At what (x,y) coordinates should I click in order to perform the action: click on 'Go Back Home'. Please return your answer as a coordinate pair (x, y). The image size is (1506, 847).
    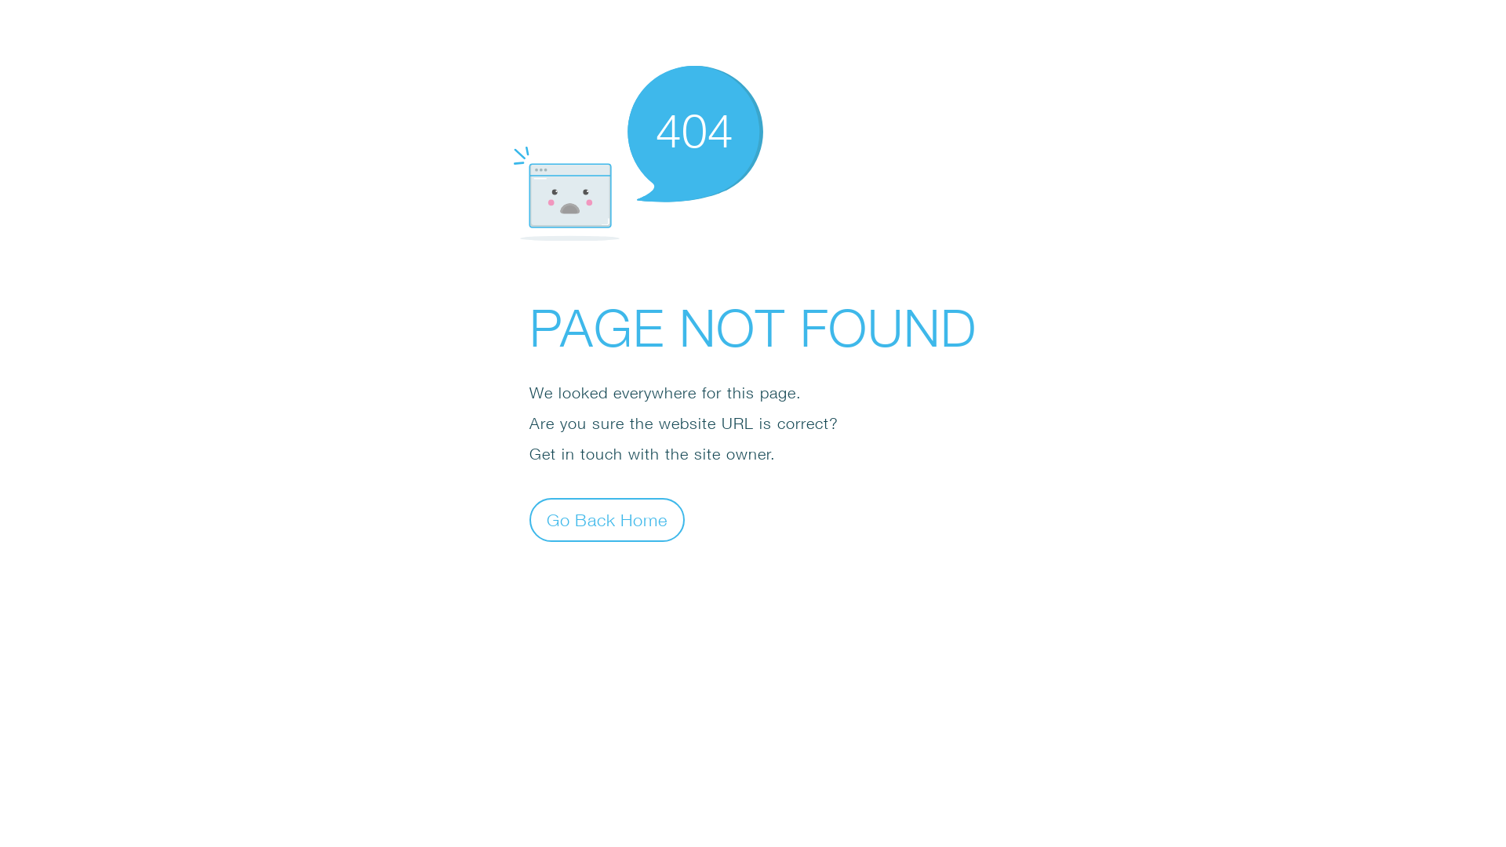
    Looking at the image, I should click on (606, 520).